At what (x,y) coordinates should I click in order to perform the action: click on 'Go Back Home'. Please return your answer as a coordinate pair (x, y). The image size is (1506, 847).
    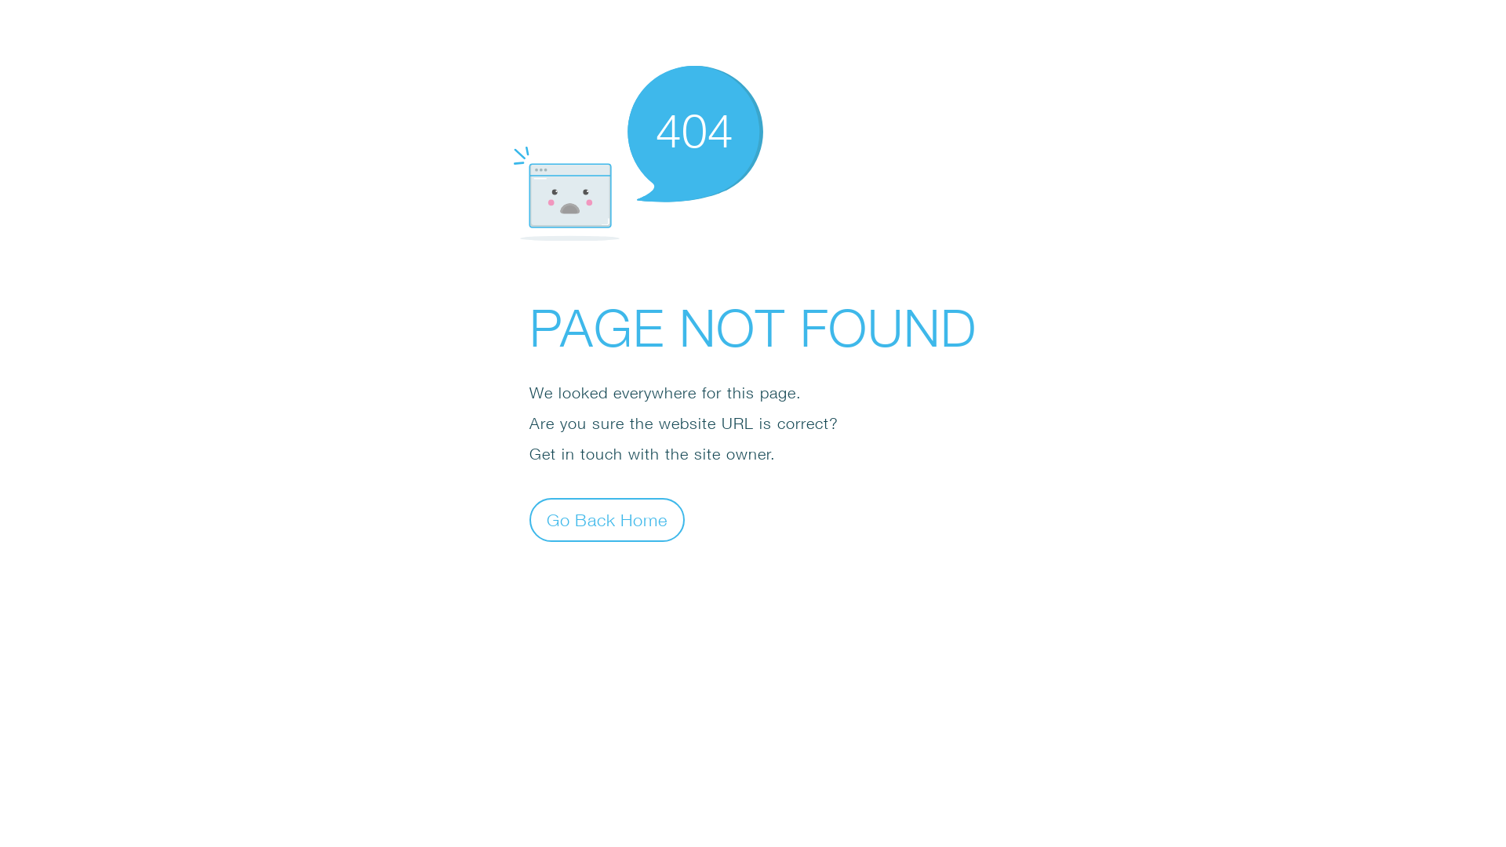
    Looking at the image, I should click on (606, 520).